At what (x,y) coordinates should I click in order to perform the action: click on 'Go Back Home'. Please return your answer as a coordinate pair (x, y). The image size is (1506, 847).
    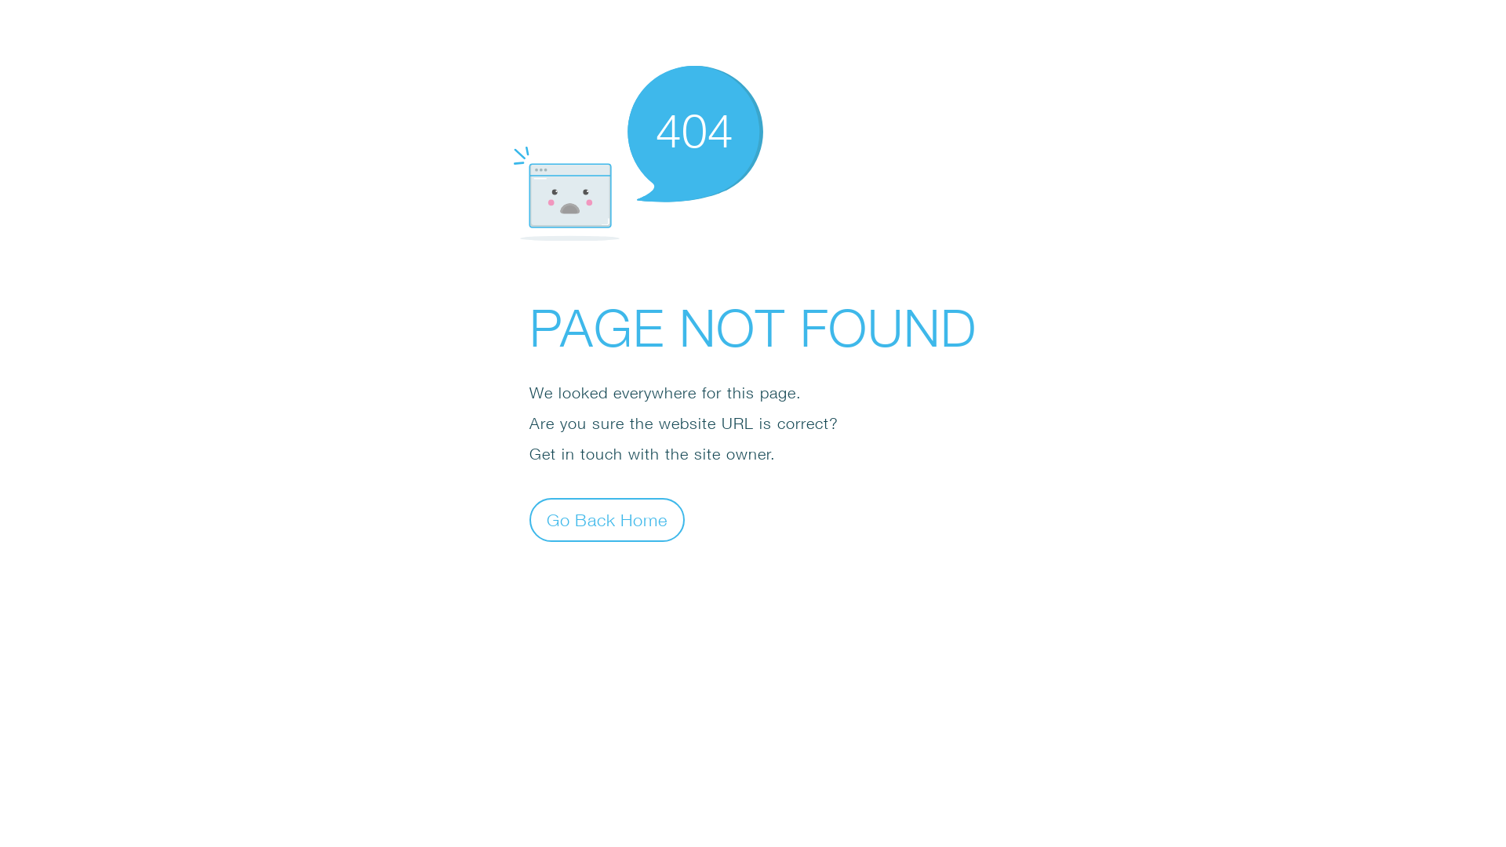
    Looking at the image, I should click on (606, 520).